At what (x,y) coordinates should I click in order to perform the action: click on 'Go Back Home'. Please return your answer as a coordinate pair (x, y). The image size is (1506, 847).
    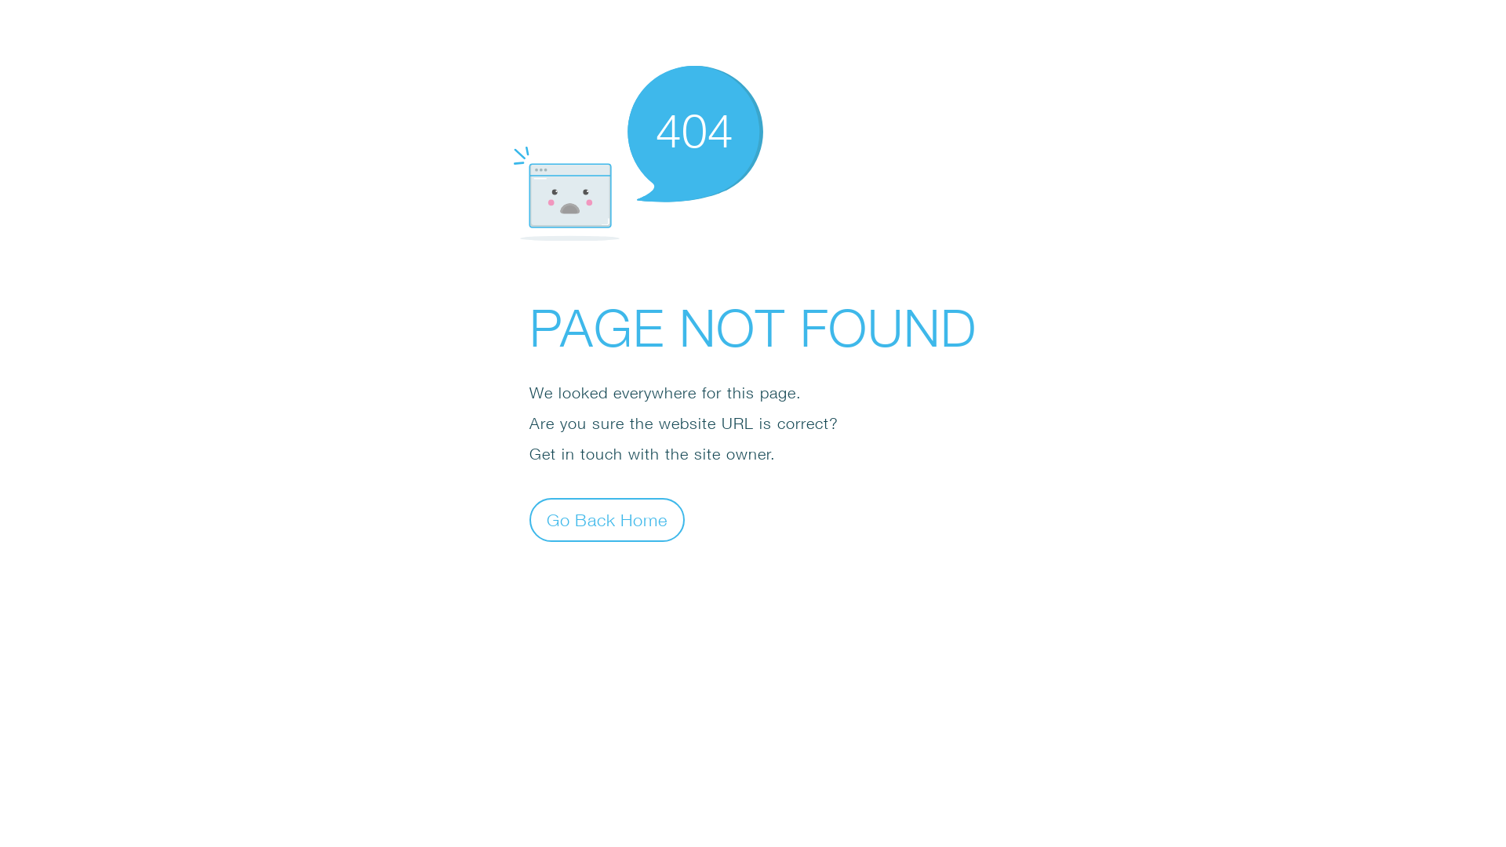
    Looking at the image, I should click on (606, 520).